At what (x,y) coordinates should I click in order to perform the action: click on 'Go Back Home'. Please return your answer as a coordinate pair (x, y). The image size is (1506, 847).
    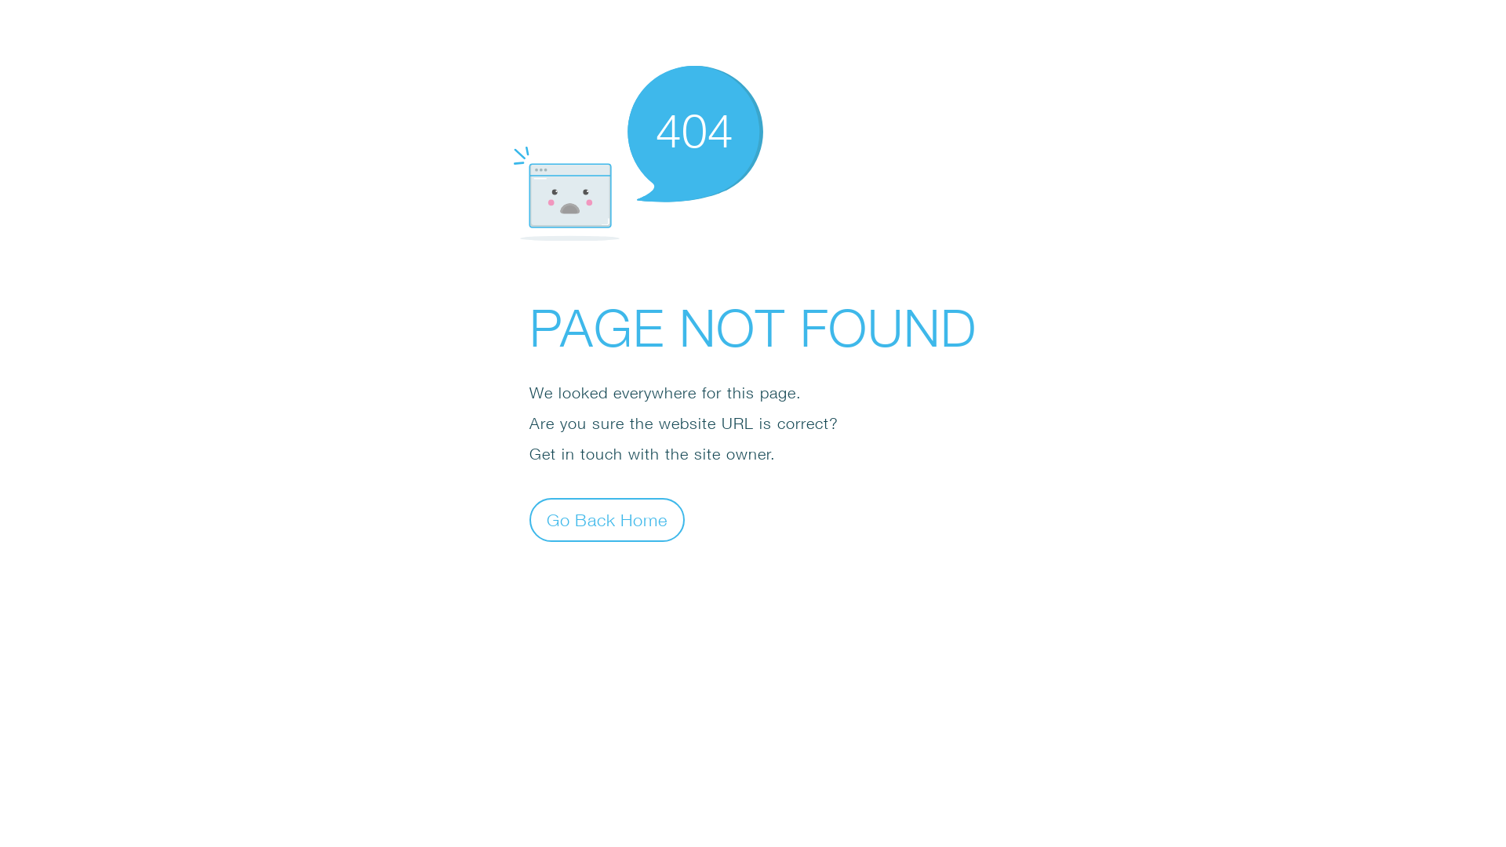
    Looking at the image, I should click on (606, 520).